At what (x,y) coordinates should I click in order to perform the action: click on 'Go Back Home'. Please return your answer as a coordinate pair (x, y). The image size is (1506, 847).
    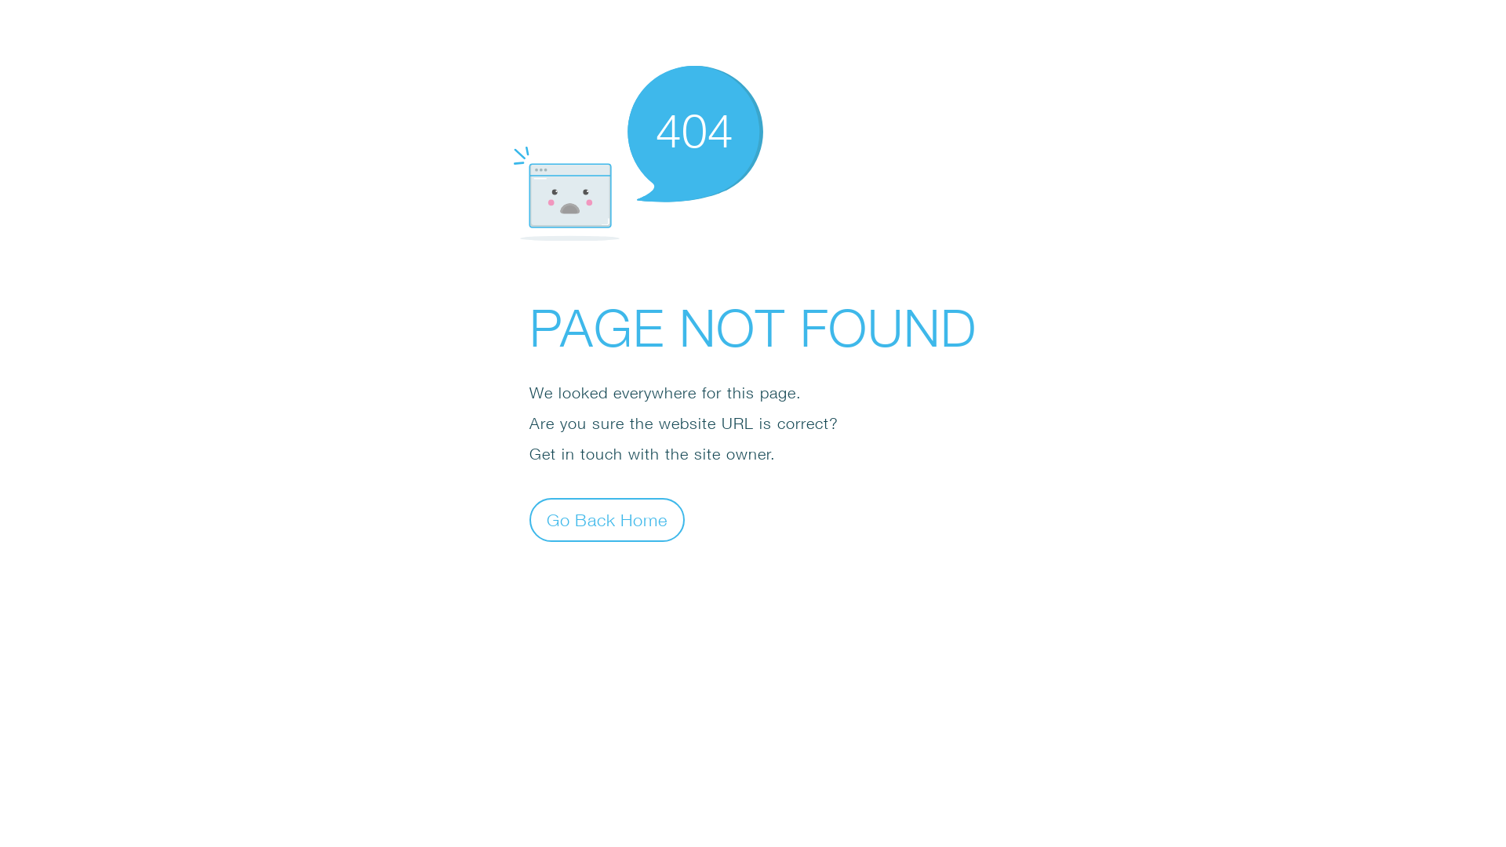
    Looking at the image, I should click on (606, 520).